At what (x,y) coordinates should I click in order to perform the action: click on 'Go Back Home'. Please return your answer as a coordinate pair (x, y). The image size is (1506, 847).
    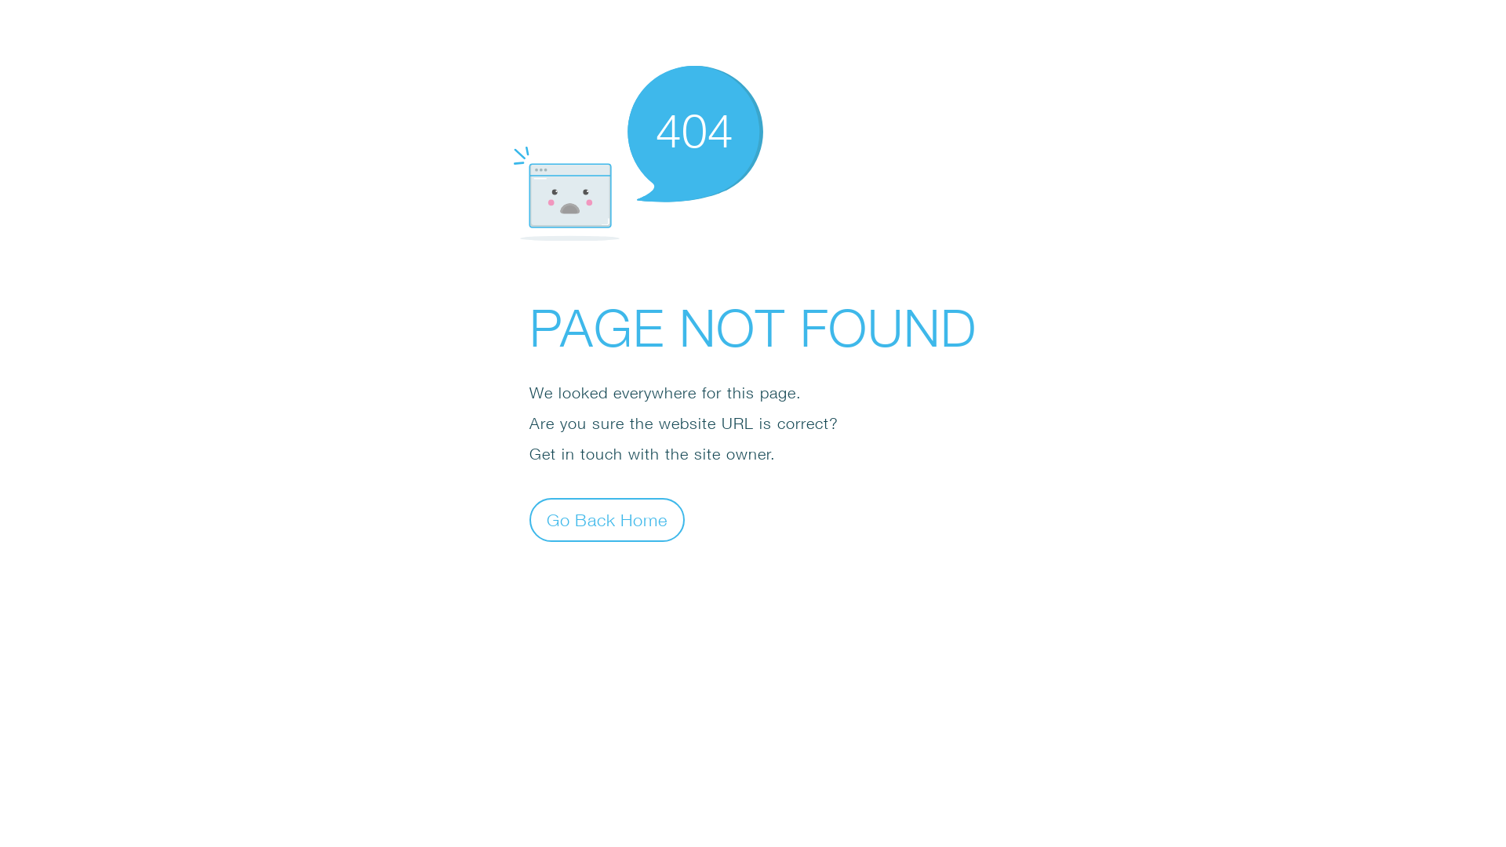
    Looking at the image, I should click on (606, 520).